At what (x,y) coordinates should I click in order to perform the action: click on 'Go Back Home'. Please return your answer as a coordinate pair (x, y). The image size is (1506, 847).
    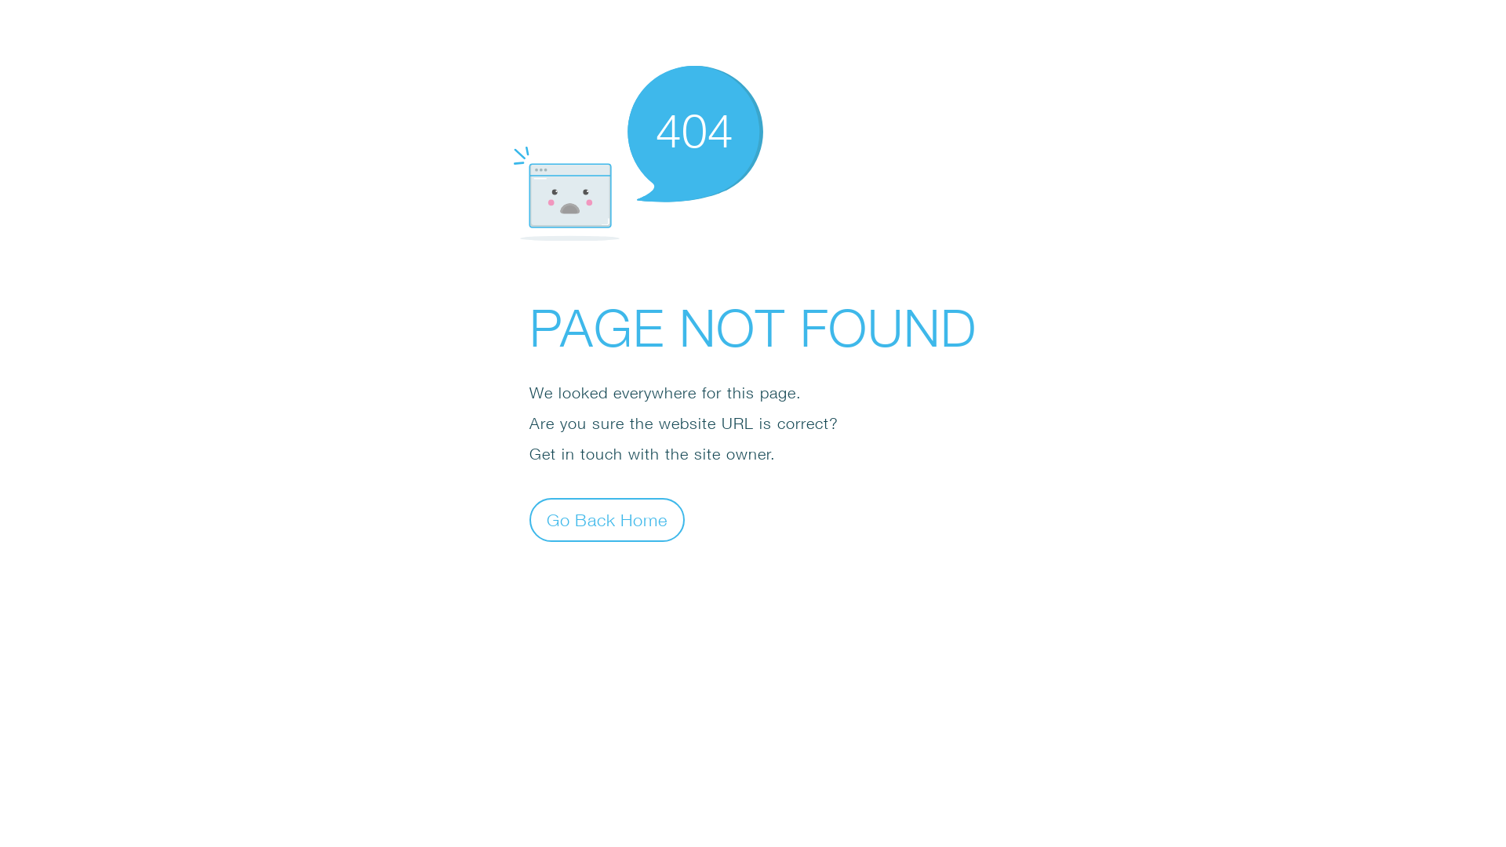
    Looking at the image, I should click on (606, 520).